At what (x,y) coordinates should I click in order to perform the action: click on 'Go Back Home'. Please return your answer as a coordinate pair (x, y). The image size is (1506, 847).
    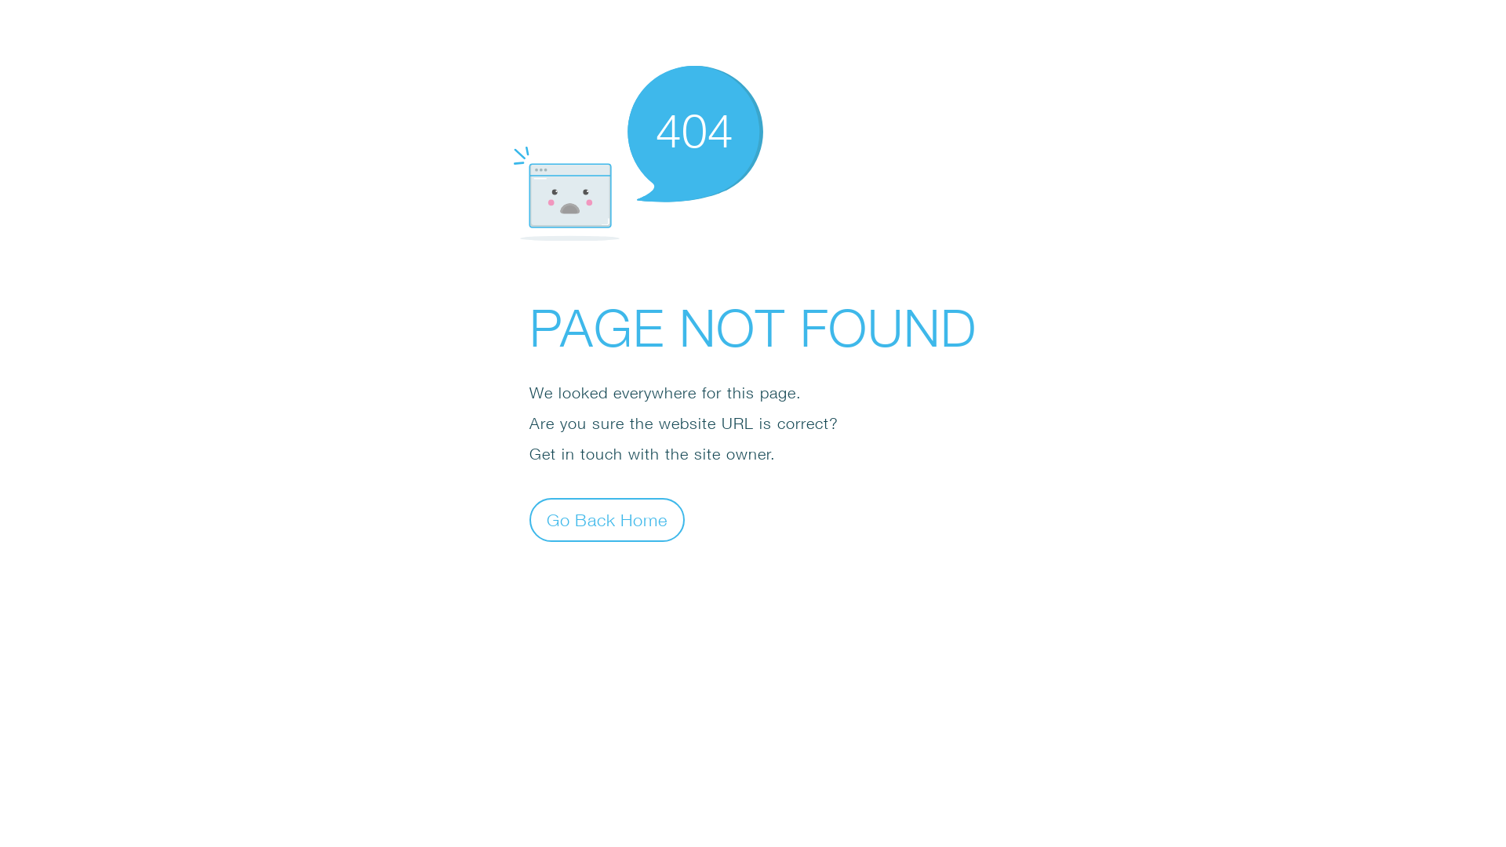
    Looking at the image, I should click on (606, 520).